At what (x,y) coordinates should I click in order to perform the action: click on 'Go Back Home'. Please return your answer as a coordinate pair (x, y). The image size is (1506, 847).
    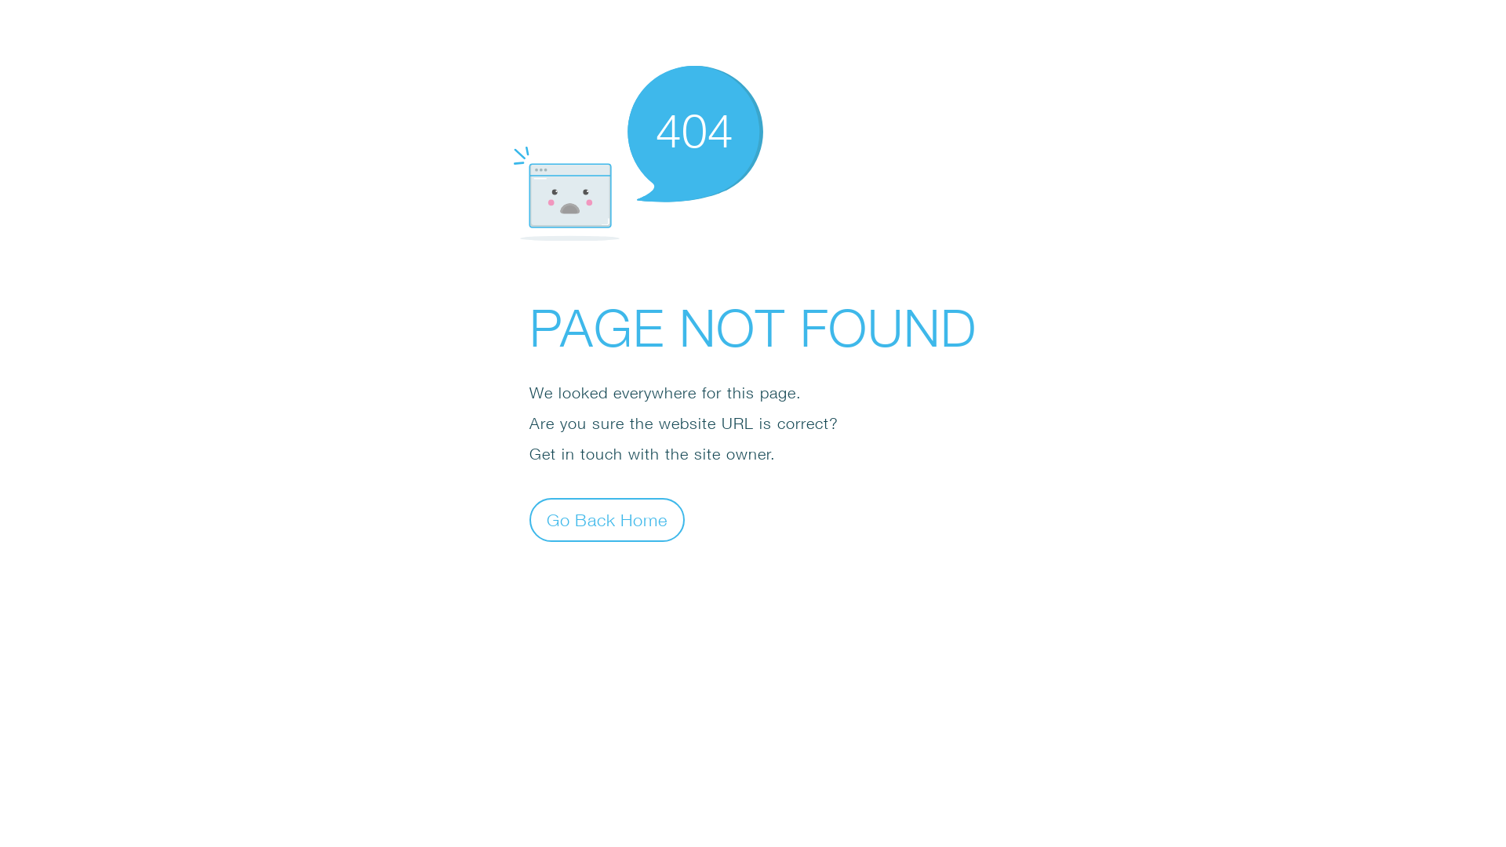
    Looking at the image, I should click on (606, 520).